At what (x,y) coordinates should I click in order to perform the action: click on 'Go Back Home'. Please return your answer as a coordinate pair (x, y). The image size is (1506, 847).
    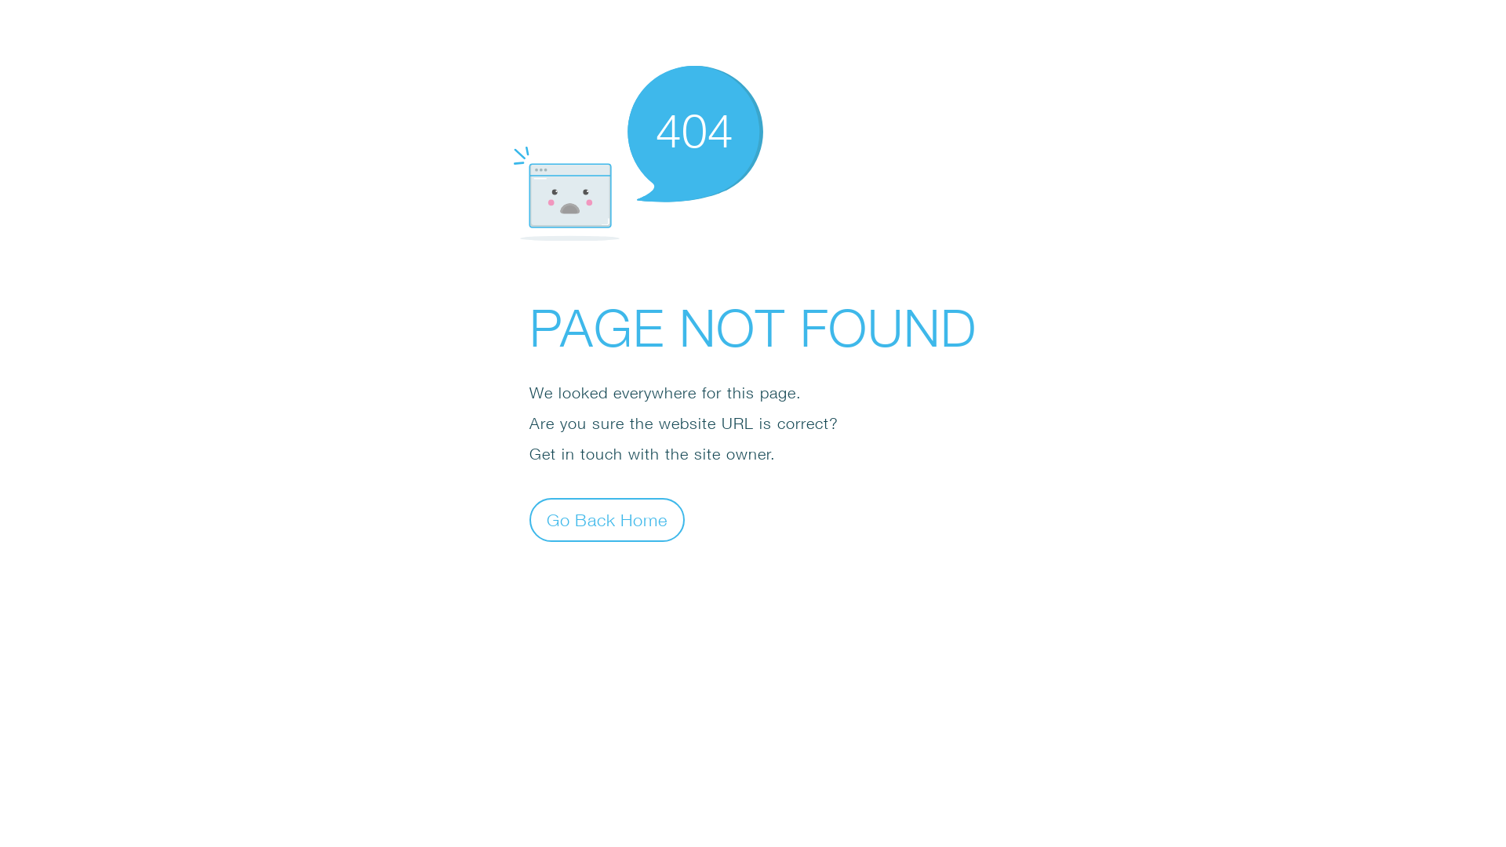
    Looking at the image, I should click on (606, 520).